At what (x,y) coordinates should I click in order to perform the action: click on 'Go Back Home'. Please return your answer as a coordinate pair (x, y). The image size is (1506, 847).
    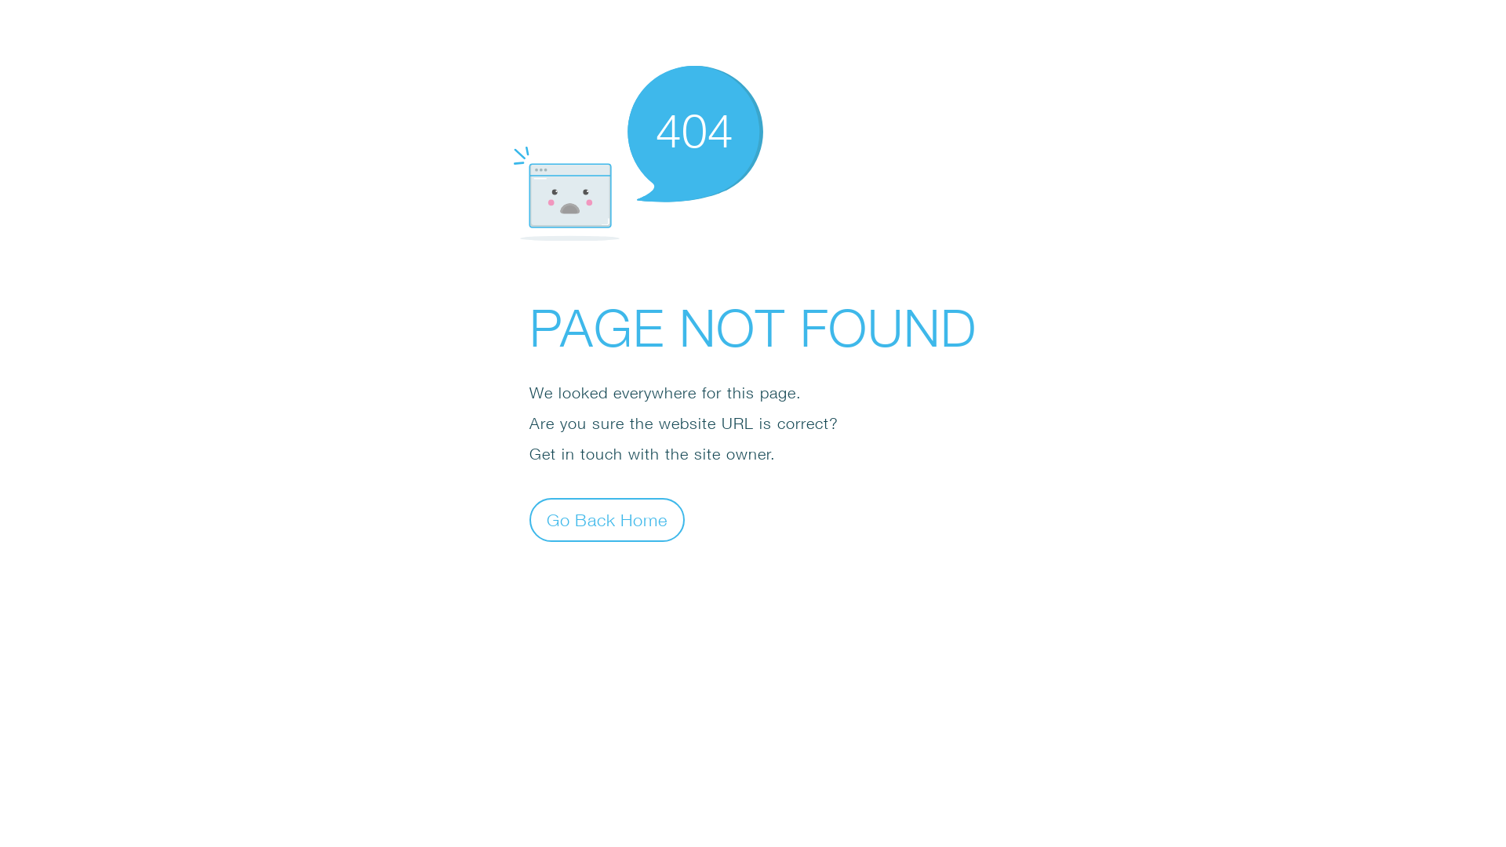
    Looking at the image, I should click on (606, 520).